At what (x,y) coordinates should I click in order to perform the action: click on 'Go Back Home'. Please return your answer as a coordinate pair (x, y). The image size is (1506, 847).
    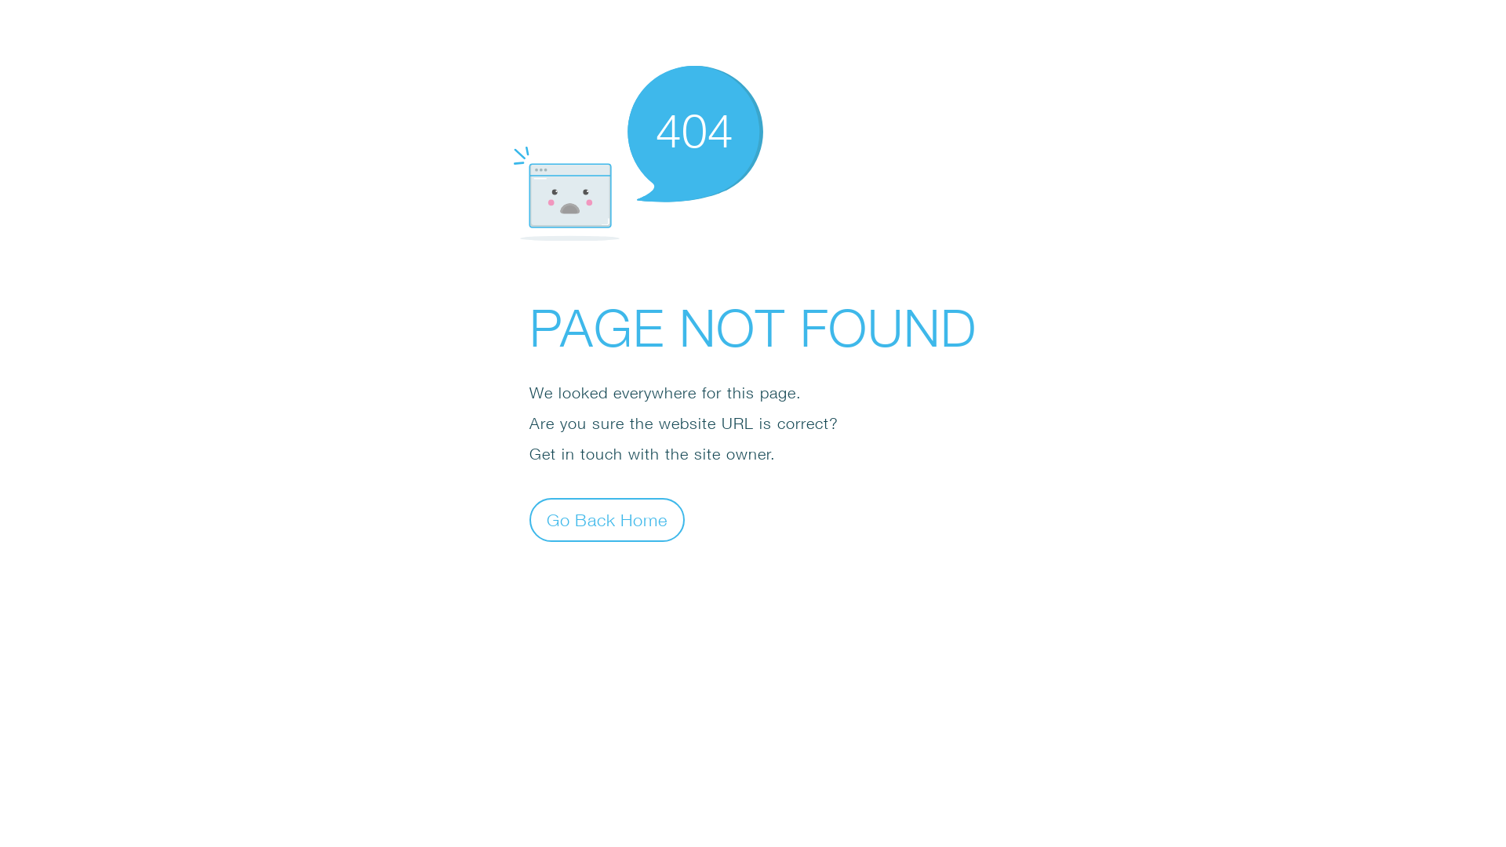
    Looking at the image, I should click on (606, 520).